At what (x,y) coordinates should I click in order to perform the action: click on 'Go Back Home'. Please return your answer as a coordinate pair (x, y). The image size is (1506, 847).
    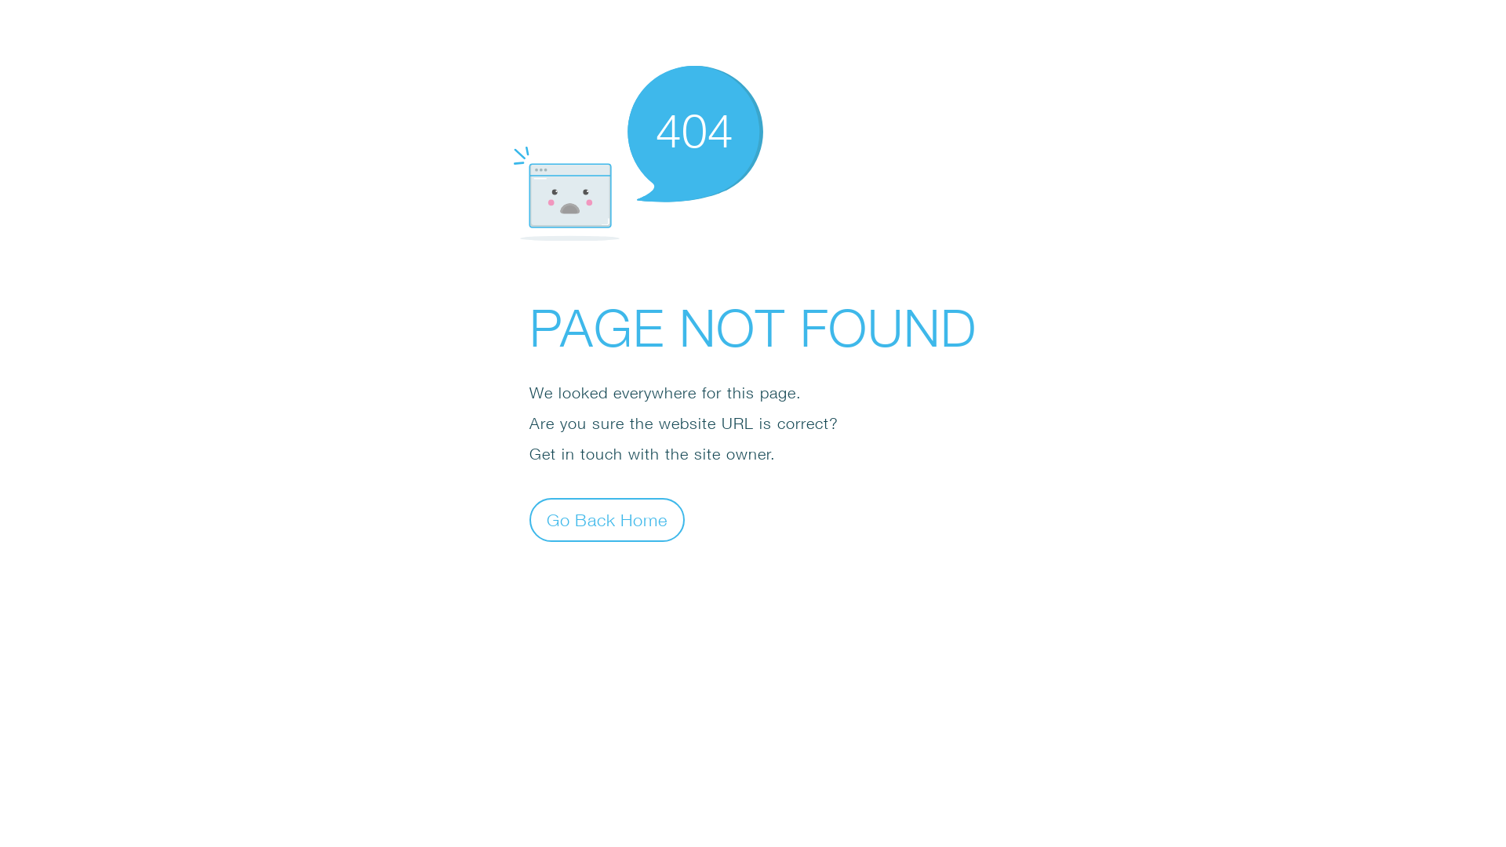
    Looking at the image, I should click on (606, 520).